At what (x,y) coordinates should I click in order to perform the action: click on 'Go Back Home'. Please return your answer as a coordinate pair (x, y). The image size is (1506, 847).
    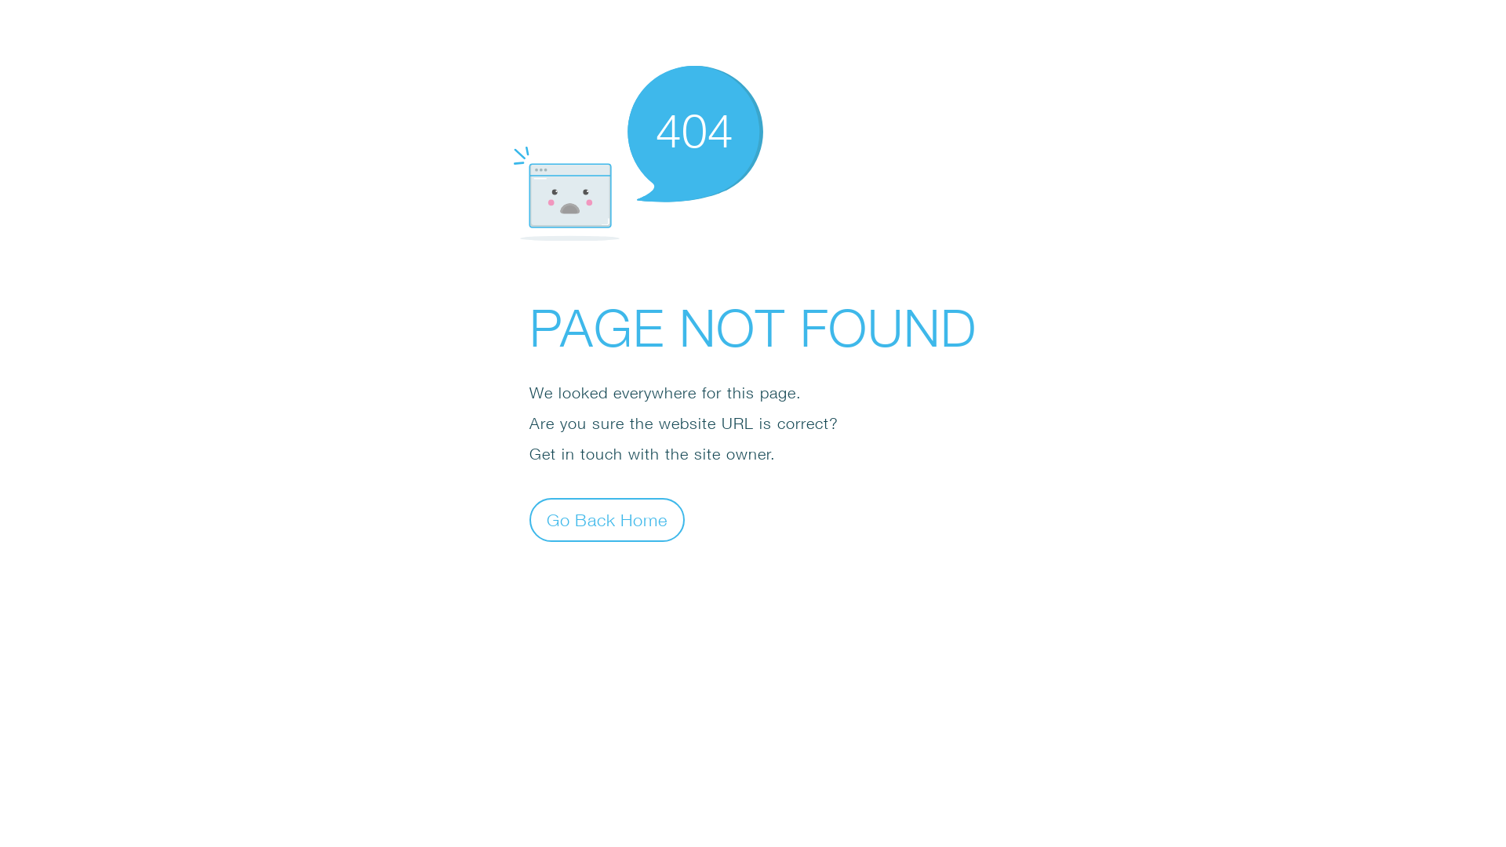
    Looking at the image, I should click on (606, 520).